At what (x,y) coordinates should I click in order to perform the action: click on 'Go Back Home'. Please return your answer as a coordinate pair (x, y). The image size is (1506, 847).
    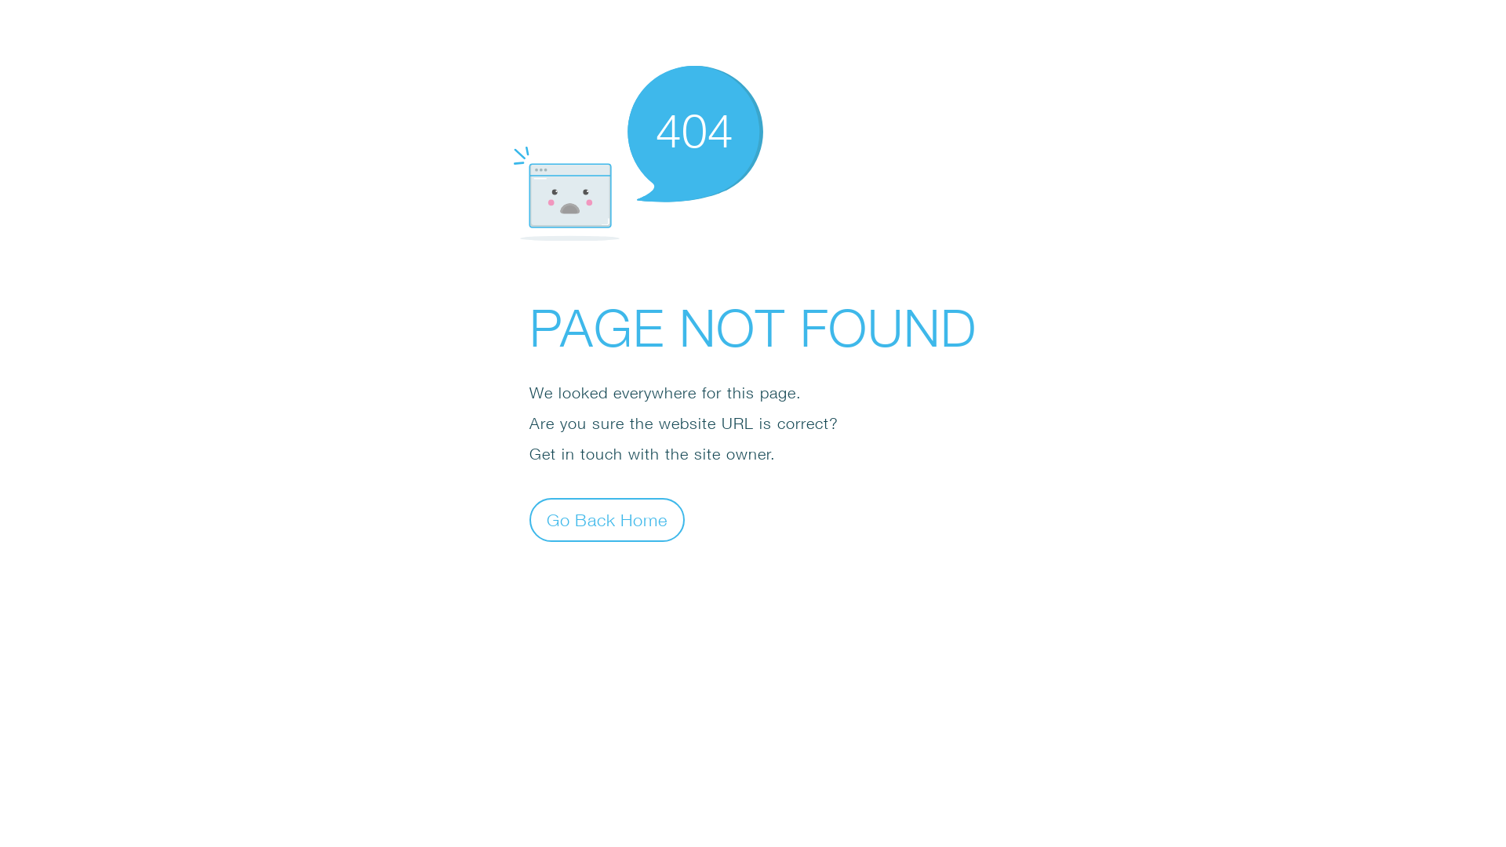
    Looking at the image, I should click on (606, 520).